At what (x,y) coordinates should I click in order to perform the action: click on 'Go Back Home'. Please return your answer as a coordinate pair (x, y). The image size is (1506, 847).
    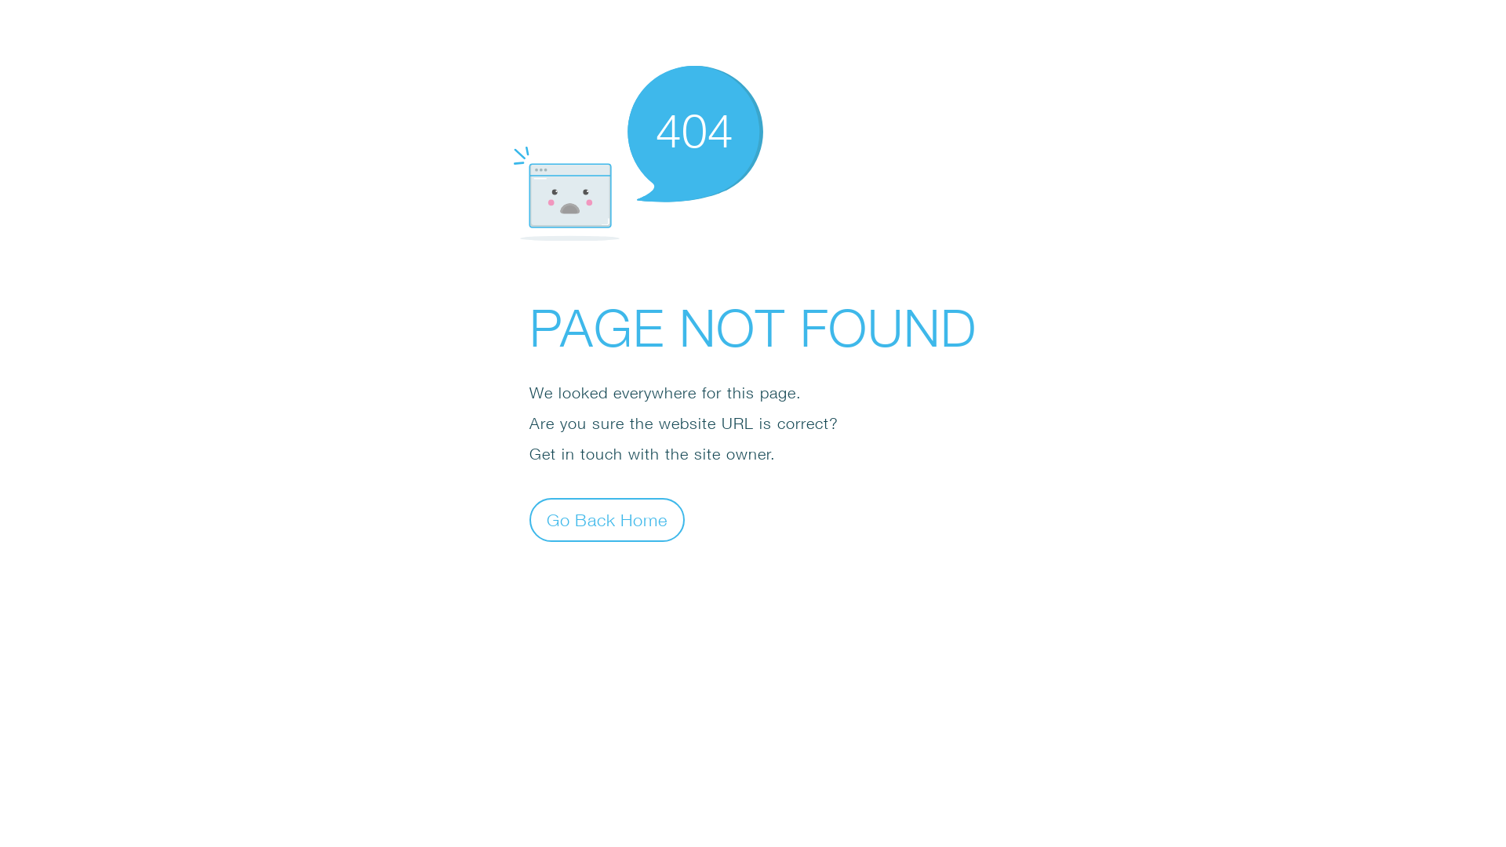
    Looking at the image, I should click on (606, 520).